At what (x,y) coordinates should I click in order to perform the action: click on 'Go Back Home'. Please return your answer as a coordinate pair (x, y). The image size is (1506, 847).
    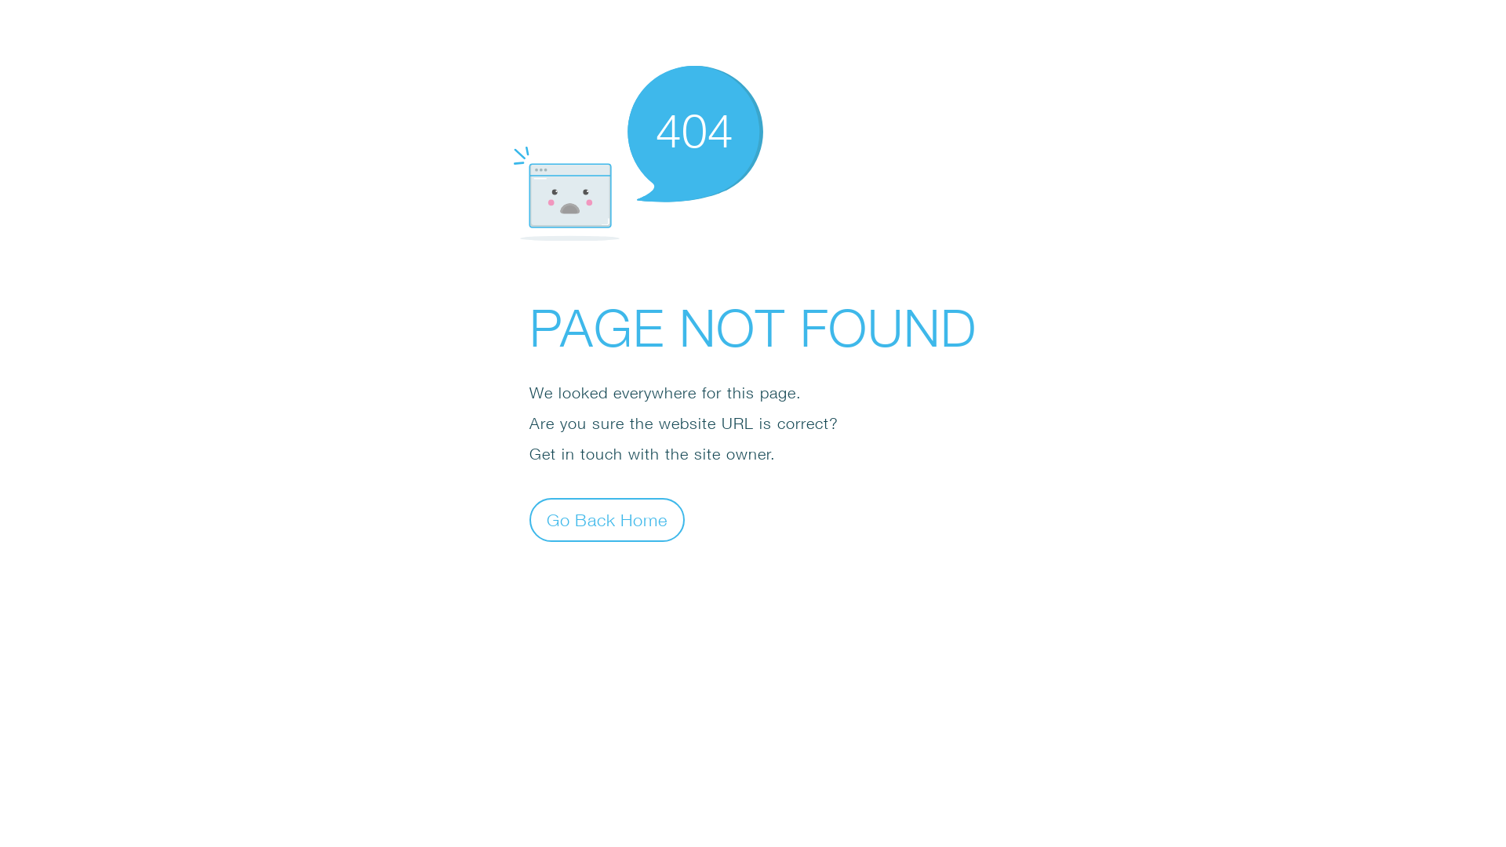
    Looking at the image, I should click on (606, 520).